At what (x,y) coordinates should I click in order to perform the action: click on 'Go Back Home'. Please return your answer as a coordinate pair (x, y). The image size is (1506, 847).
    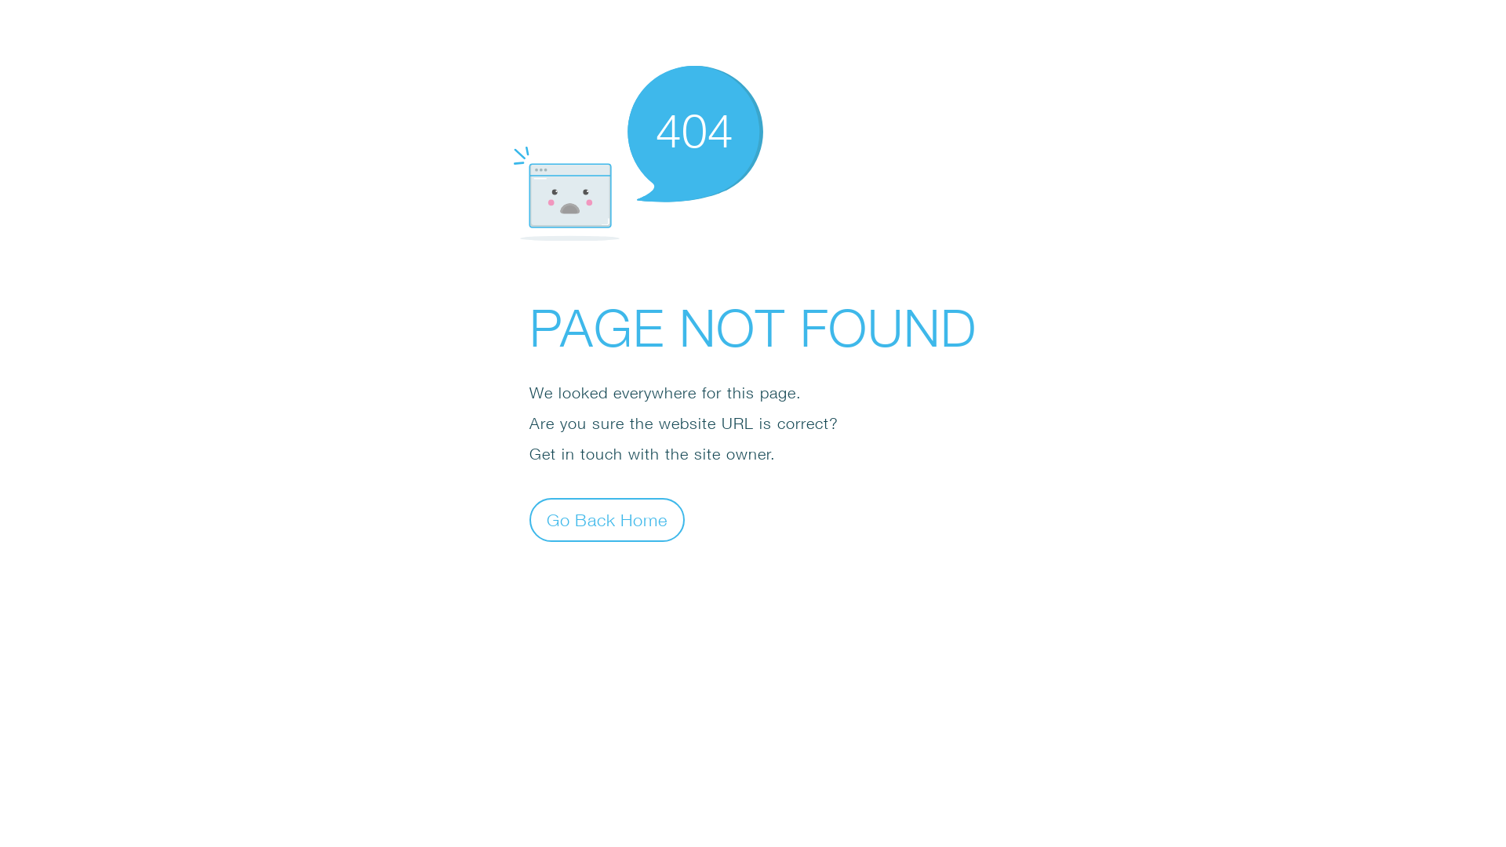
    Looking at the image, I should click on (606, 520).